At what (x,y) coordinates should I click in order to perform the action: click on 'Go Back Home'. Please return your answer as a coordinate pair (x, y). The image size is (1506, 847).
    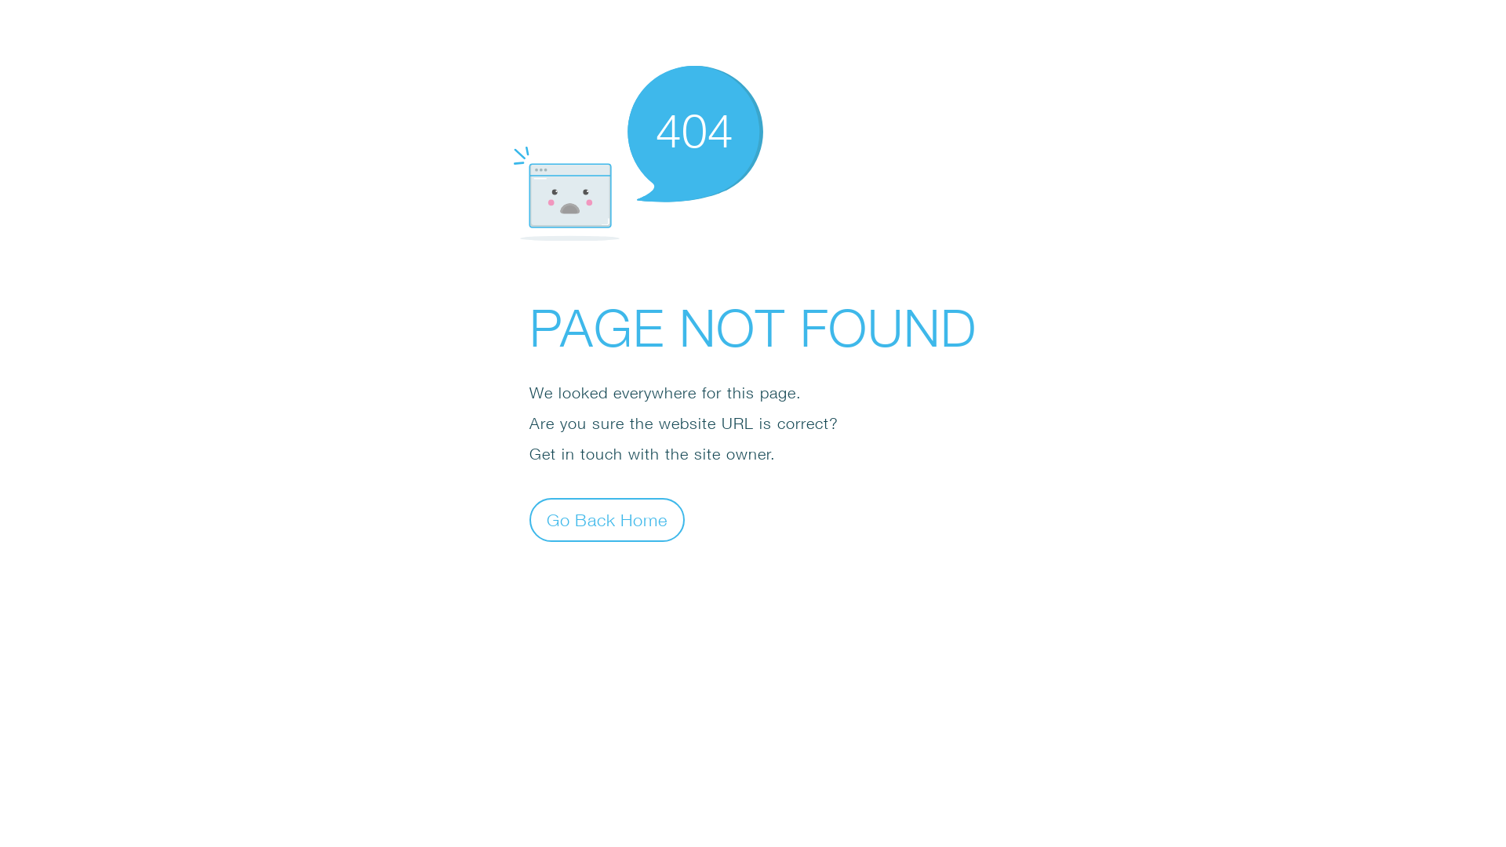
    Looking at the image, I should click on (606, 520).